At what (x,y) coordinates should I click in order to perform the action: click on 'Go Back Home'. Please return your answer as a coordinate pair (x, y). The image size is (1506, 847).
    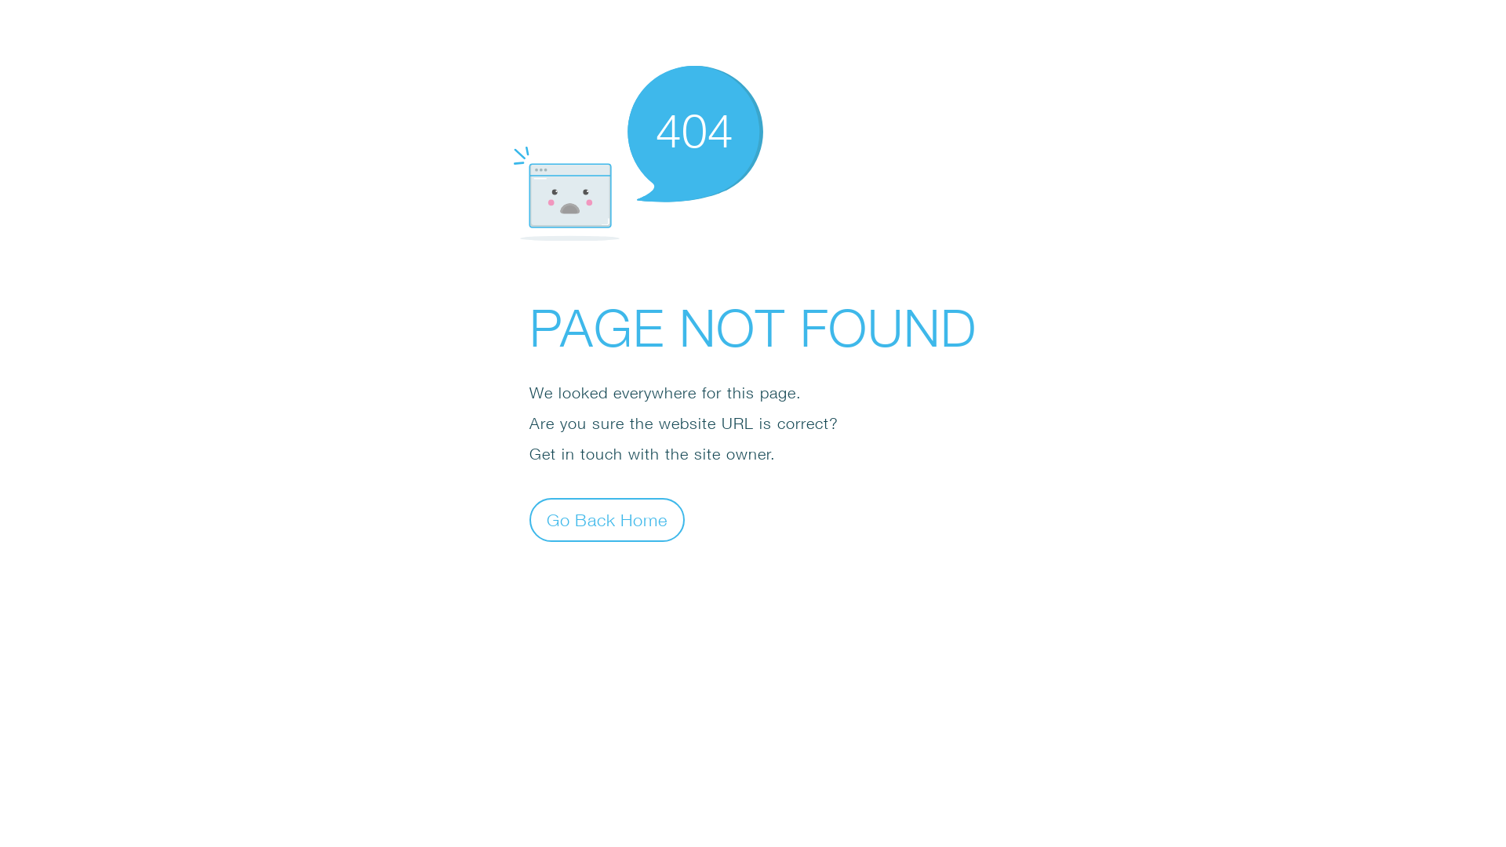
    Looking at the image, I should click on (606, 520).